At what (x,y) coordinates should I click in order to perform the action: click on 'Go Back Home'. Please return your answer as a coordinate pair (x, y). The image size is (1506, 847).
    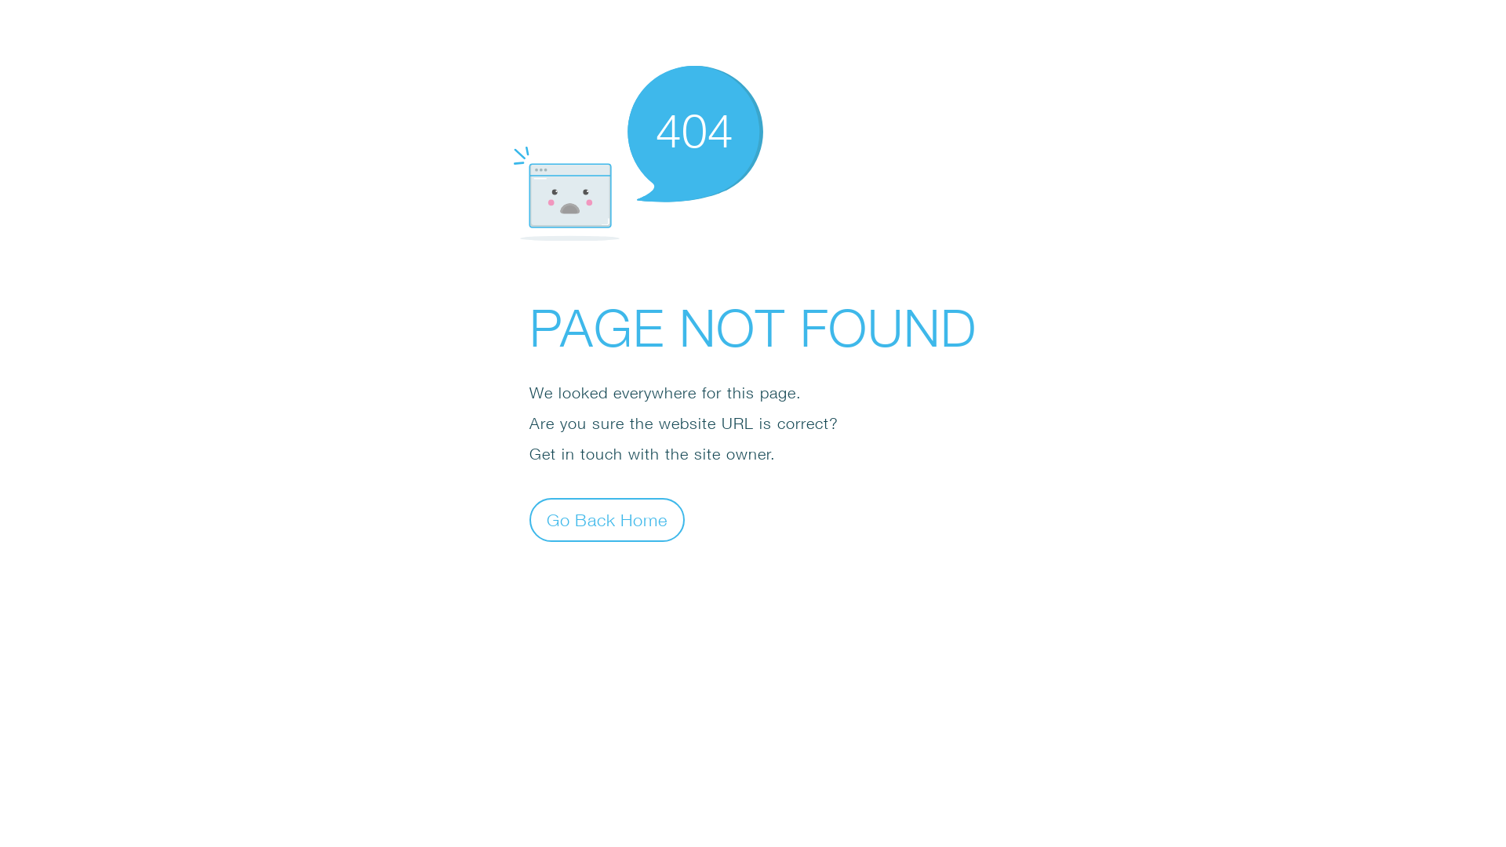
    Looking at the image, I should click on (606, 520).